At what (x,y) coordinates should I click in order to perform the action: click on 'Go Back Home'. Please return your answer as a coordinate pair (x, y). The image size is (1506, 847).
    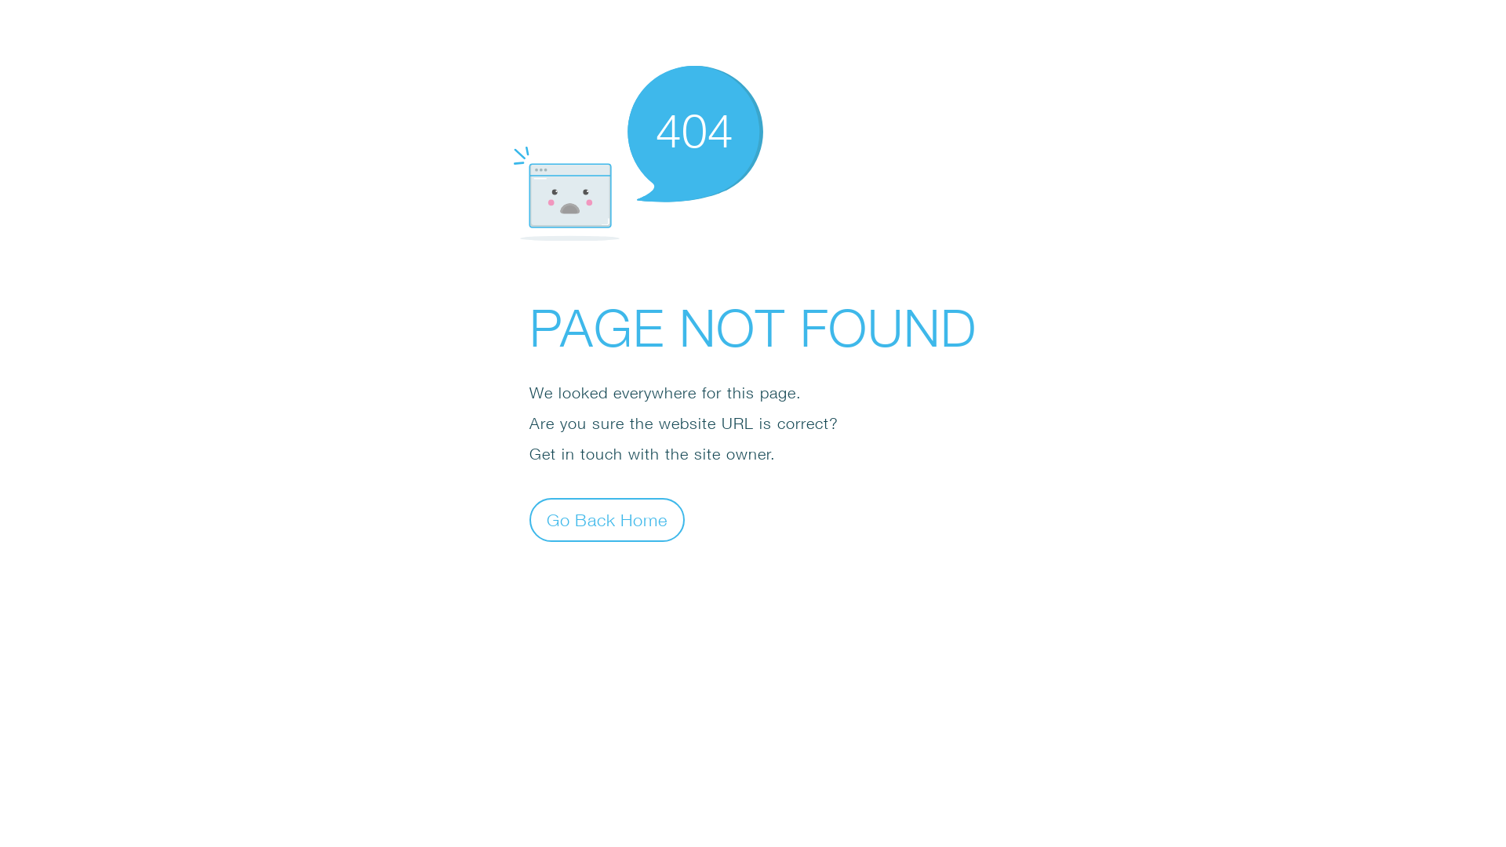
    Looking at the image, I should click on (606, 520).